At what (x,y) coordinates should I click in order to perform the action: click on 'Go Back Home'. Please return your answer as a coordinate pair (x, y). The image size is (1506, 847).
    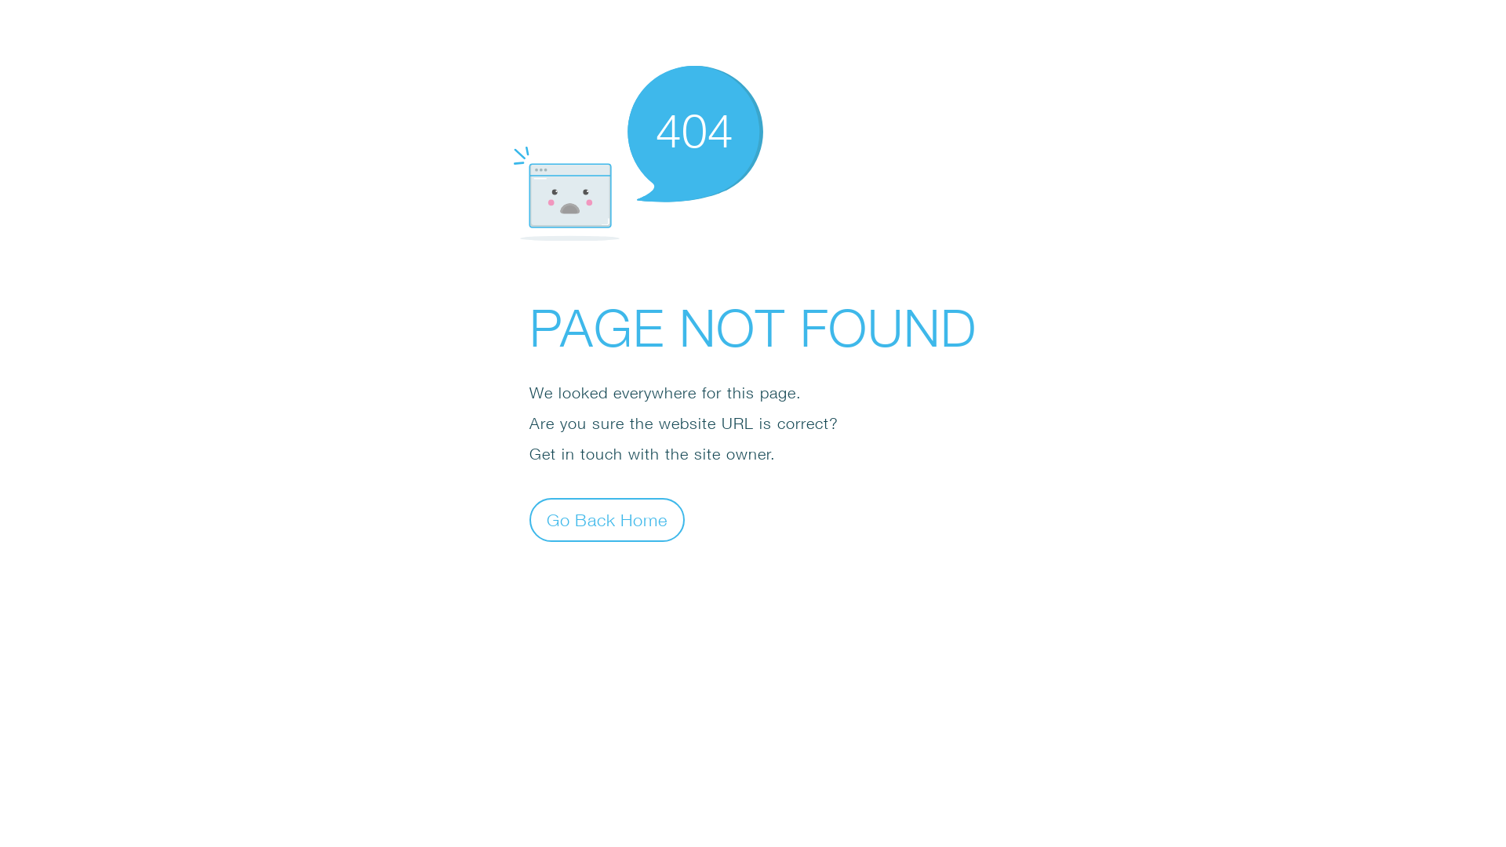
    Looking at the image, I should click on (606, 520).